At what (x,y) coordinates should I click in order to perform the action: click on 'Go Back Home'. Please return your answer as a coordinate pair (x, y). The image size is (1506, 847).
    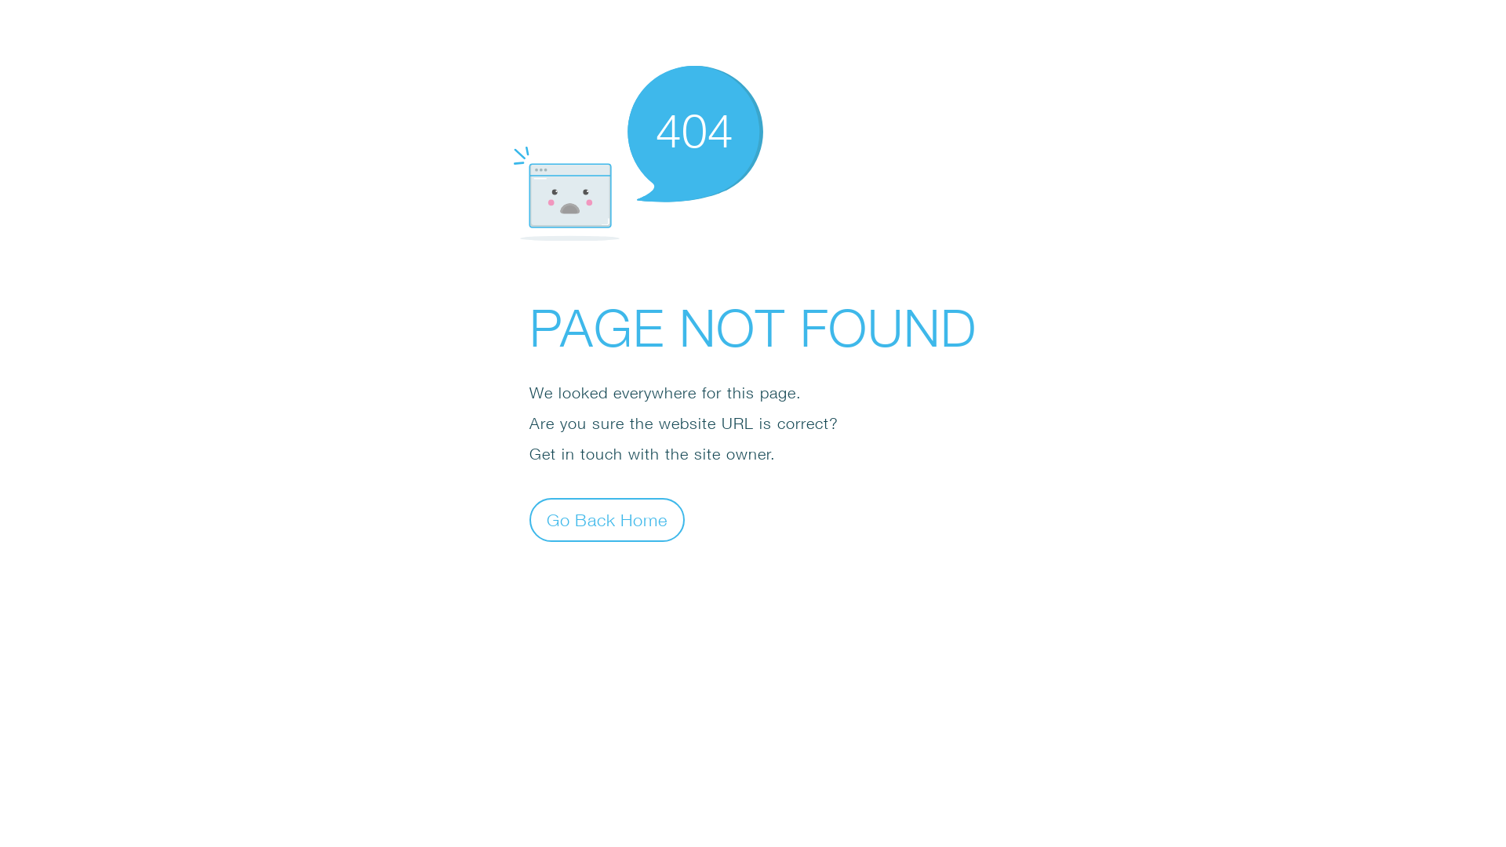
    Looking at the image, I should click on (606, 520).